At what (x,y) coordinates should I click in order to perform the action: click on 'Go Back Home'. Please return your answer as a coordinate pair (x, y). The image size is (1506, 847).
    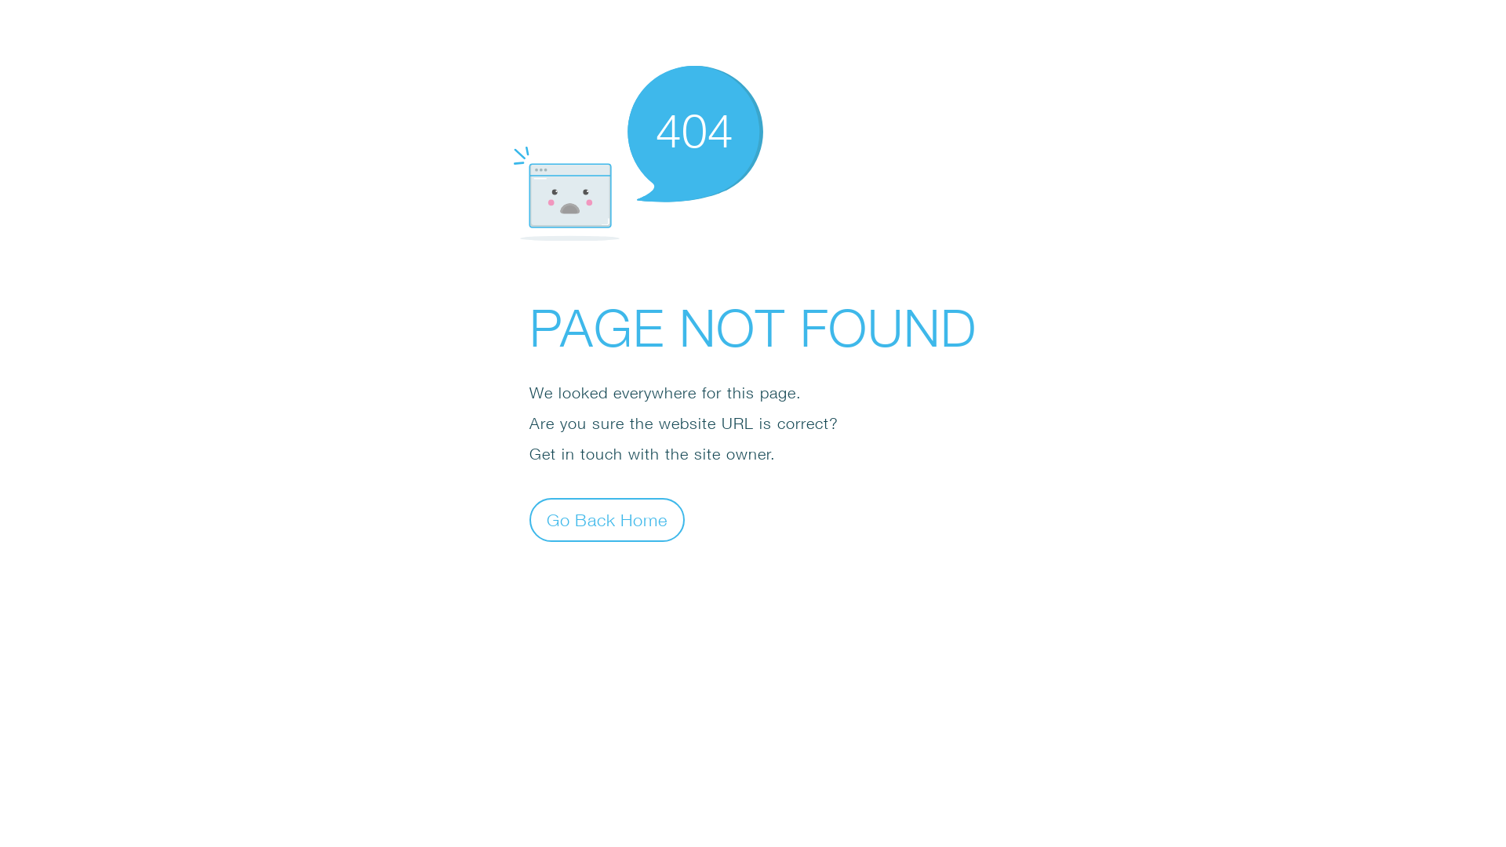
    Looking at the image, I should click on (606, 520).